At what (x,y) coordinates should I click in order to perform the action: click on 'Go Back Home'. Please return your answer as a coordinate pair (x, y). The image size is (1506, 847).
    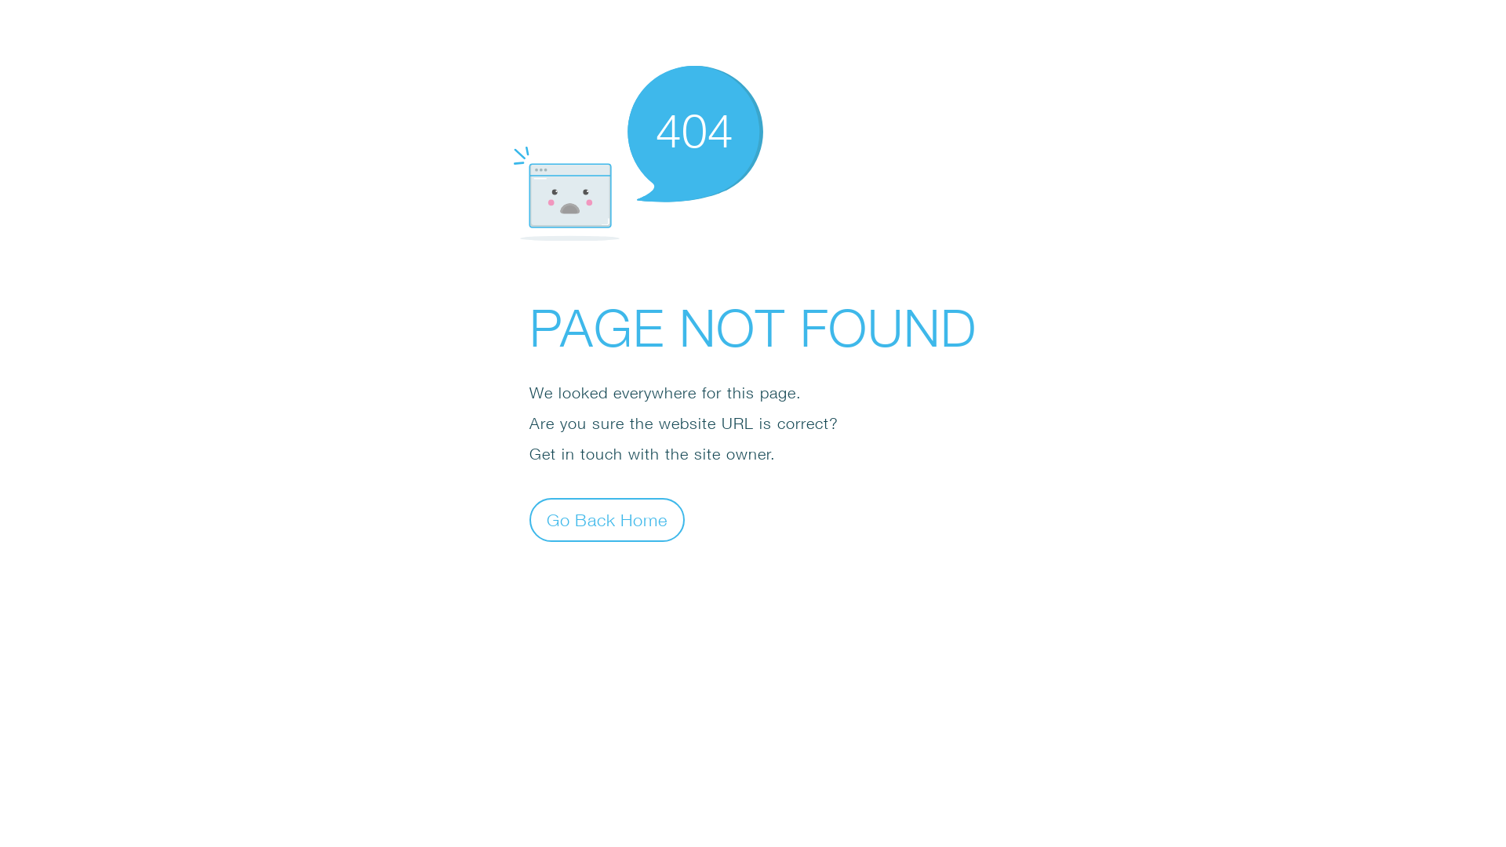
    Looking at the image, I should click on (606, 520).